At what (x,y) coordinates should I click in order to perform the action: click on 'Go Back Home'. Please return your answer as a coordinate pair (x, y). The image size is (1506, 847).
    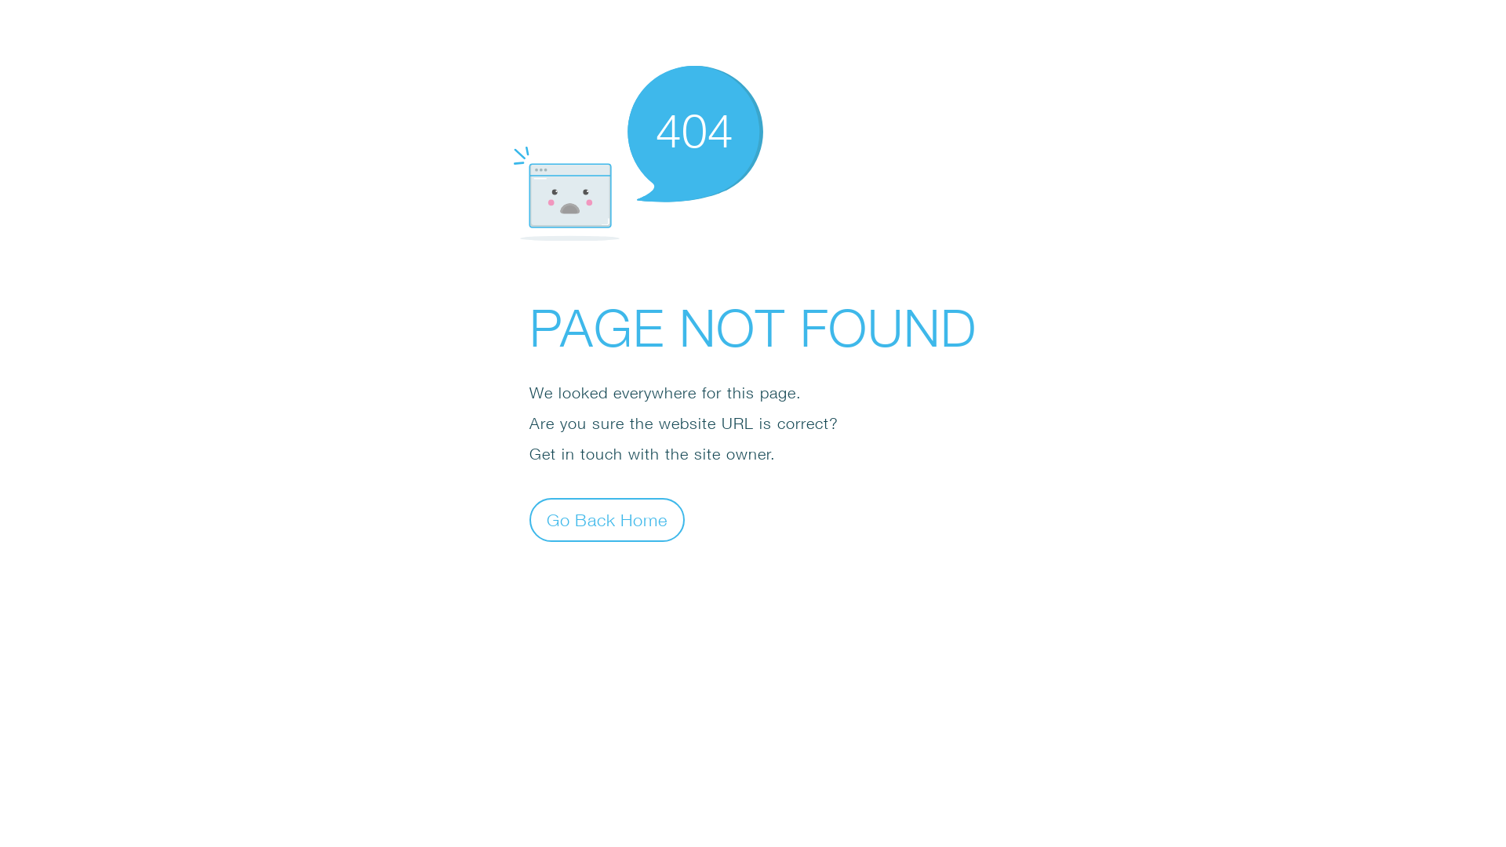
    Looking at the image, I should click on (606, 520).